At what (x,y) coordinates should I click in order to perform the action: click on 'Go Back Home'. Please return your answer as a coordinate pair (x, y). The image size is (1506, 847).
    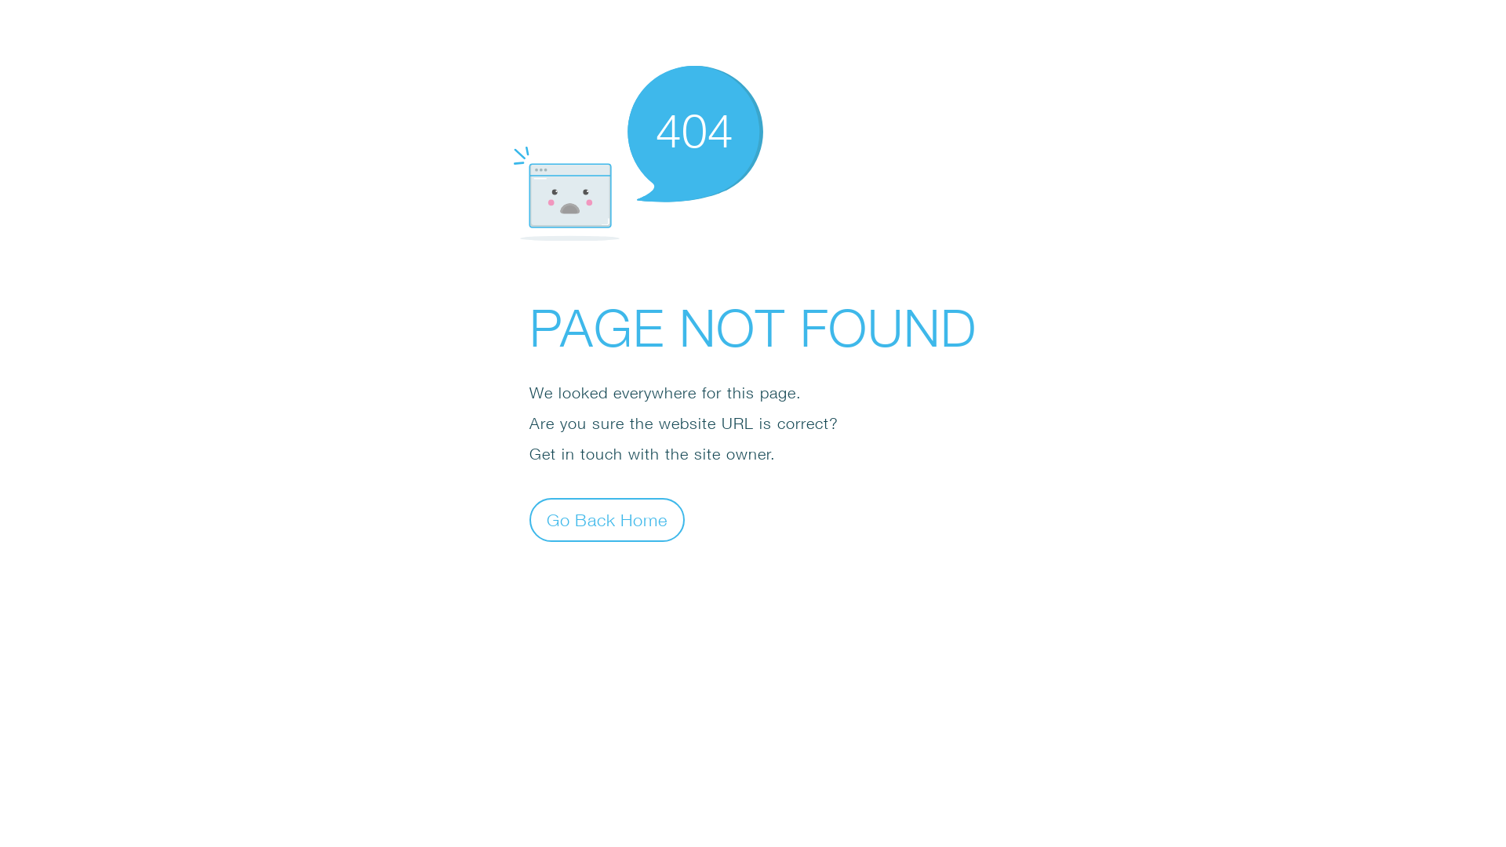
    Looking at the image, I should click on (606, 520).